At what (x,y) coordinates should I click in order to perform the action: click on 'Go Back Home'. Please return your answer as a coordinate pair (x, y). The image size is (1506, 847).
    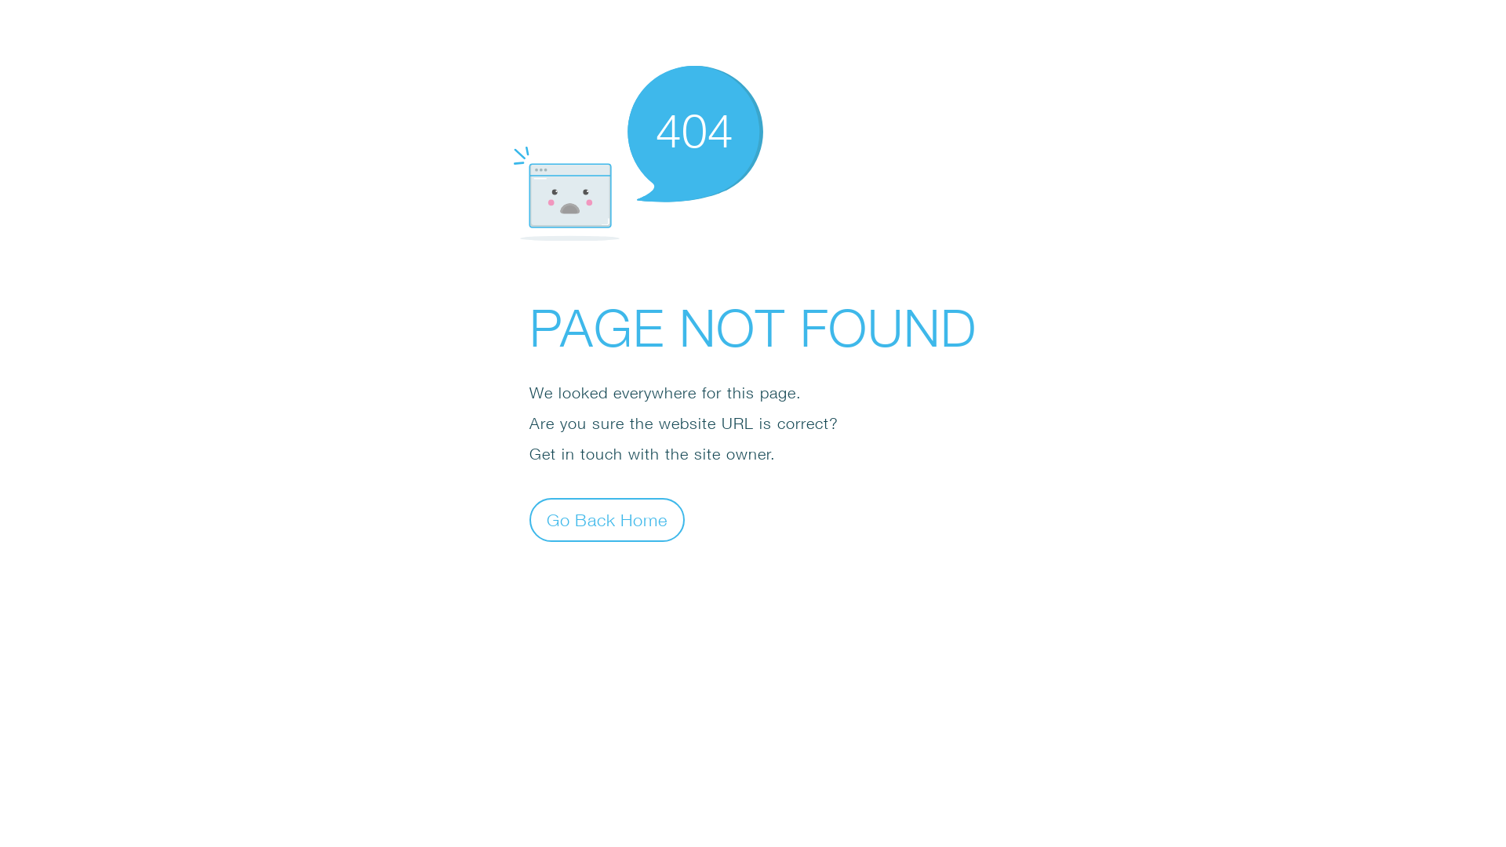
    Looking at the image, I should click on (606, 520).